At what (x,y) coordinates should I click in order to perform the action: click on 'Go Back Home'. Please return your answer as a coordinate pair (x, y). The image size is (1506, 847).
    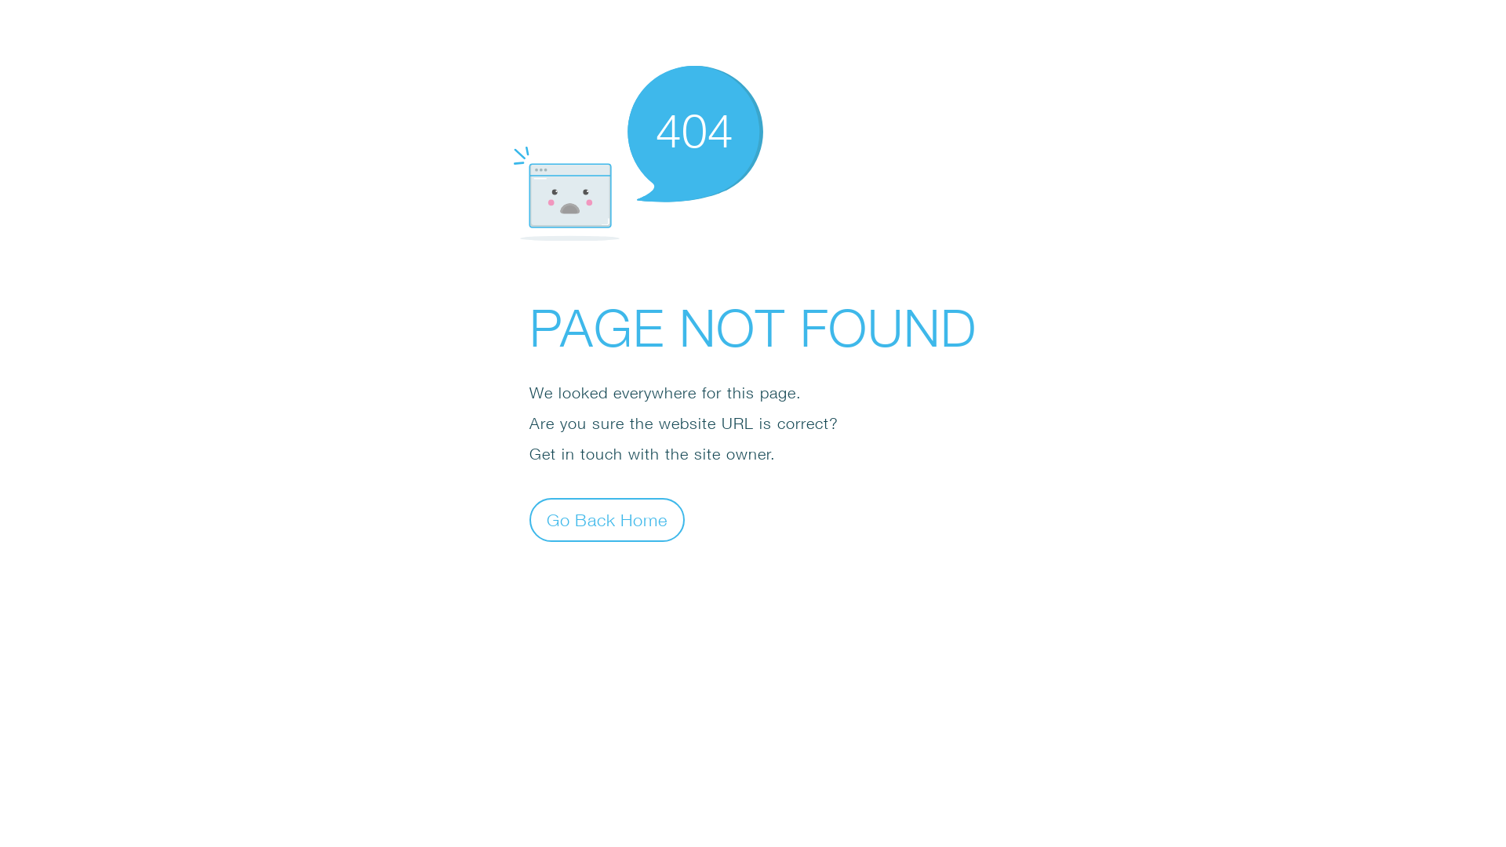
    Looking at the image, I should click on (606, 520).